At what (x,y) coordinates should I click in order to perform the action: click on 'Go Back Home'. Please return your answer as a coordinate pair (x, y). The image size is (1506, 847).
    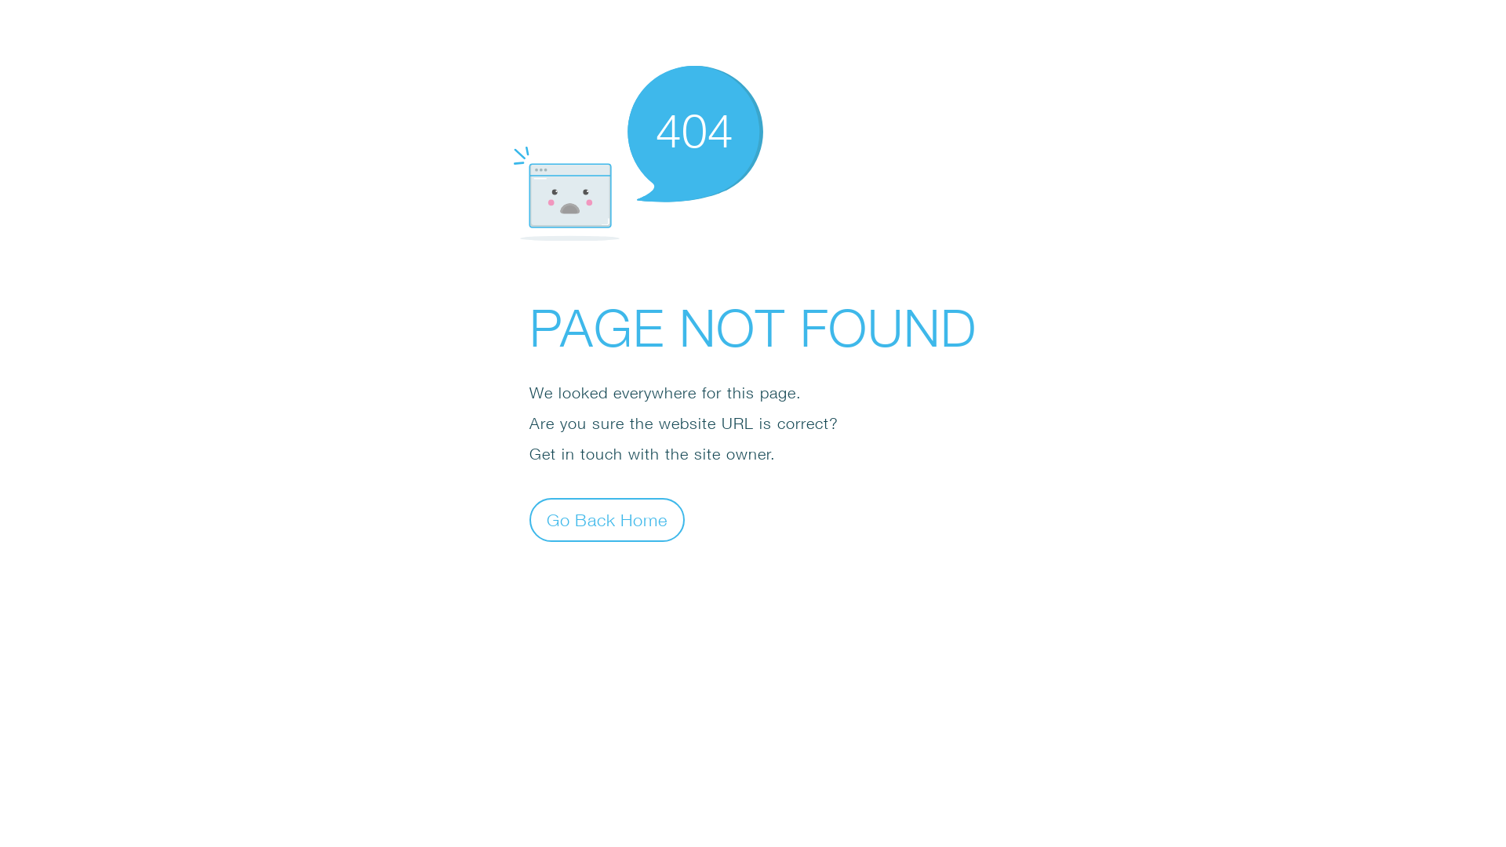
    Looking at the image, I should click on (606, 520).